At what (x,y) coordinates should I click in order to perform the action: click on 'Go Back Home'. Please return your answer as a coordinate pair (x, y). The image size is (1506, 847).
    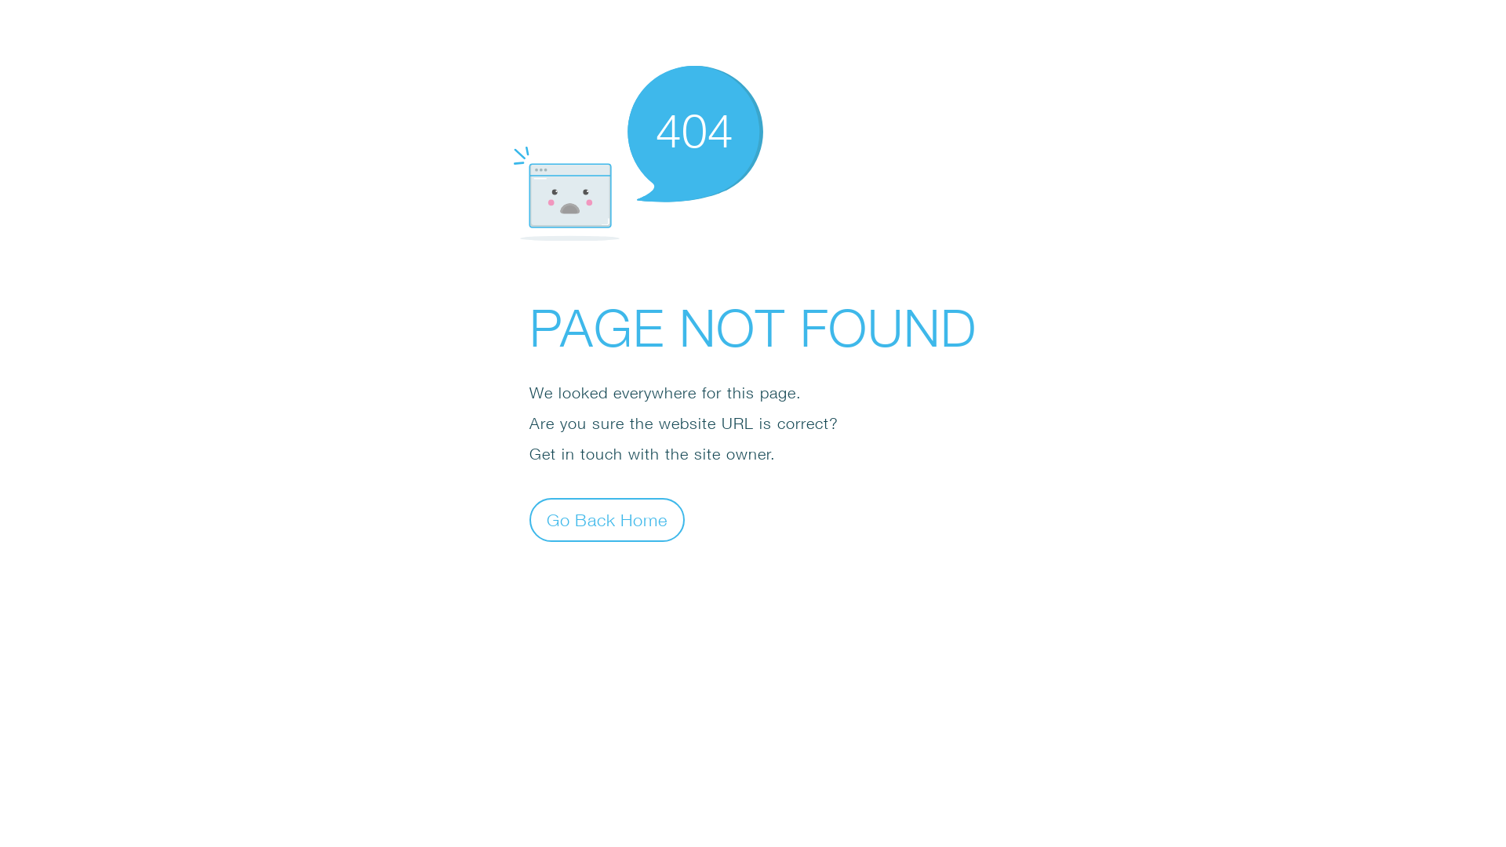
    Looking at the image, I should click on (606, 520).